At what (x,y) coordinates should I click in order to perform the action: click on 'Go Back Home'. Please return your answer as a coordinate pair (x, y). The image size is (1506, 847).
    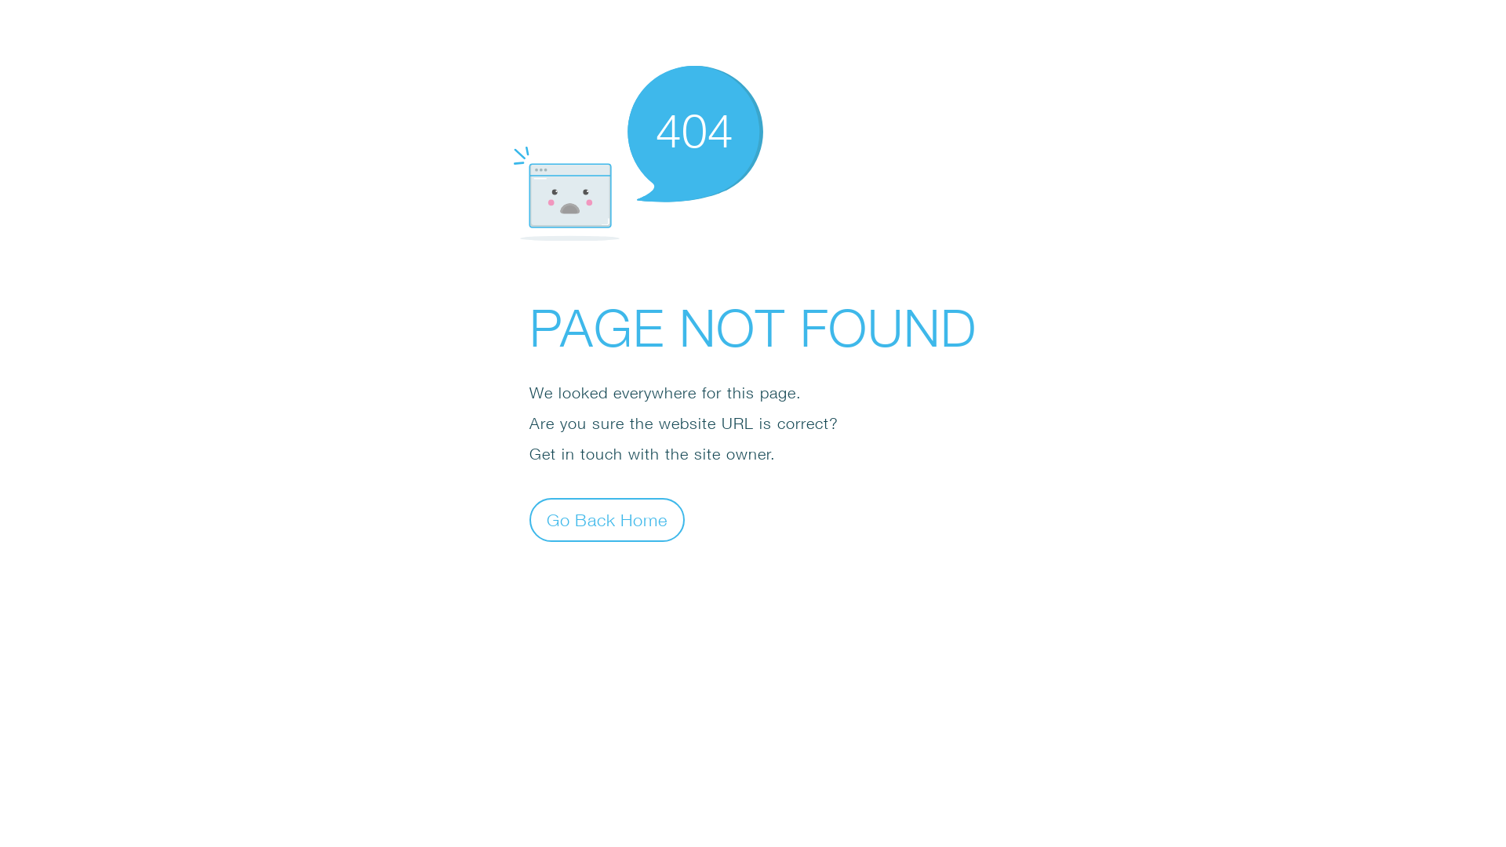
    Looking at the image, I should click on (606, 520).